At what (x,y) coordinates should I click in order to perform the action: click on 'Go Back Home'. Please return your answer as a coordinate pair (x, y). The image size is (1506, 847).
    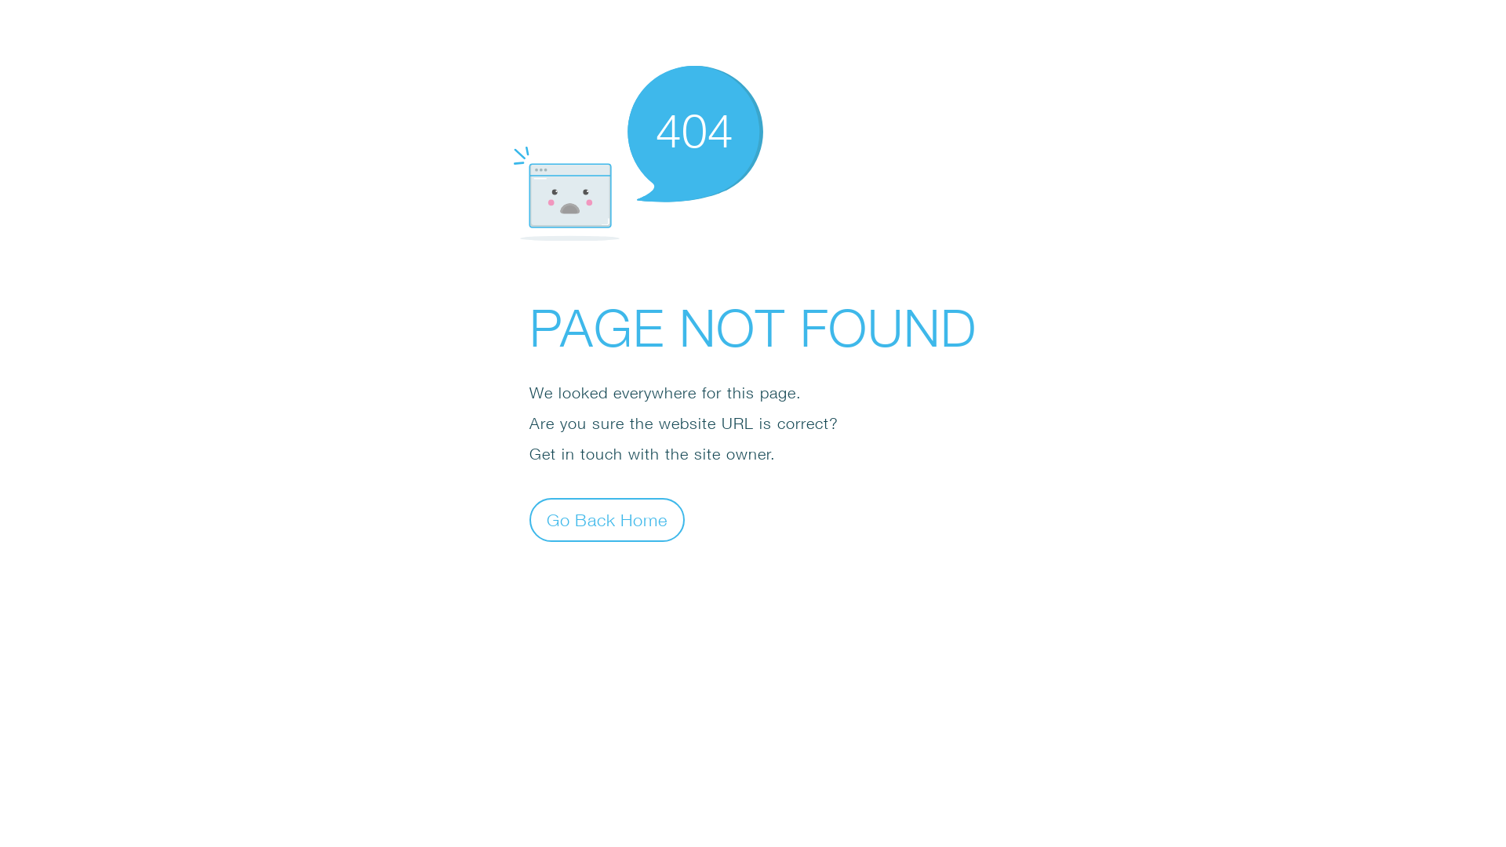
    Looking at the image, I should click on (606, 520).